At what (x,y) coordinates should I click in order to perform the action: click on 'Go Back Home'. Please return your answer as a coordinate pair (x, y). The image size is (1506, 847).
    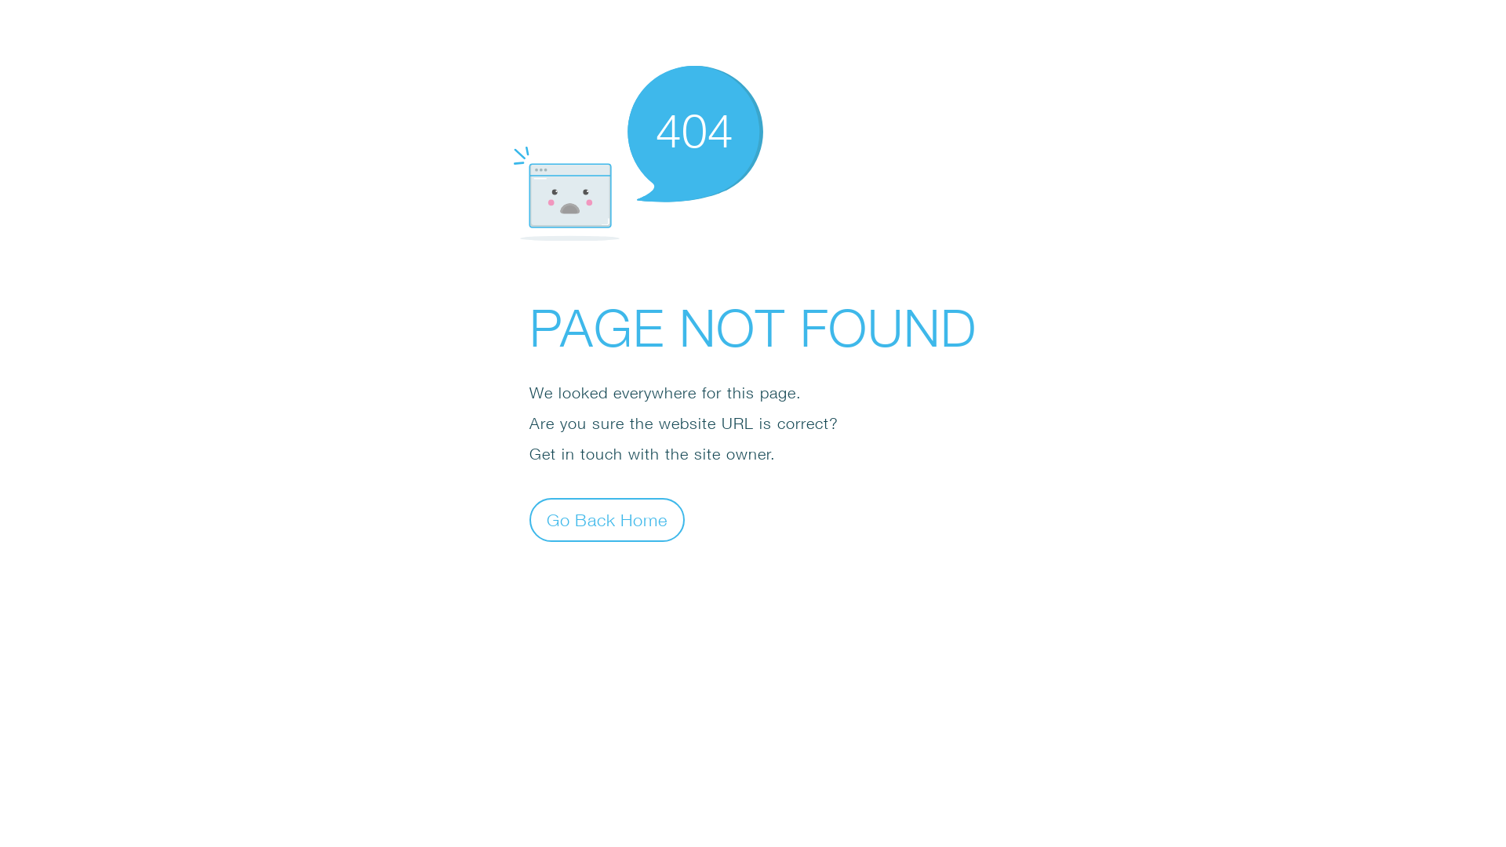
    Looking at the image, I should click on (606, 520).